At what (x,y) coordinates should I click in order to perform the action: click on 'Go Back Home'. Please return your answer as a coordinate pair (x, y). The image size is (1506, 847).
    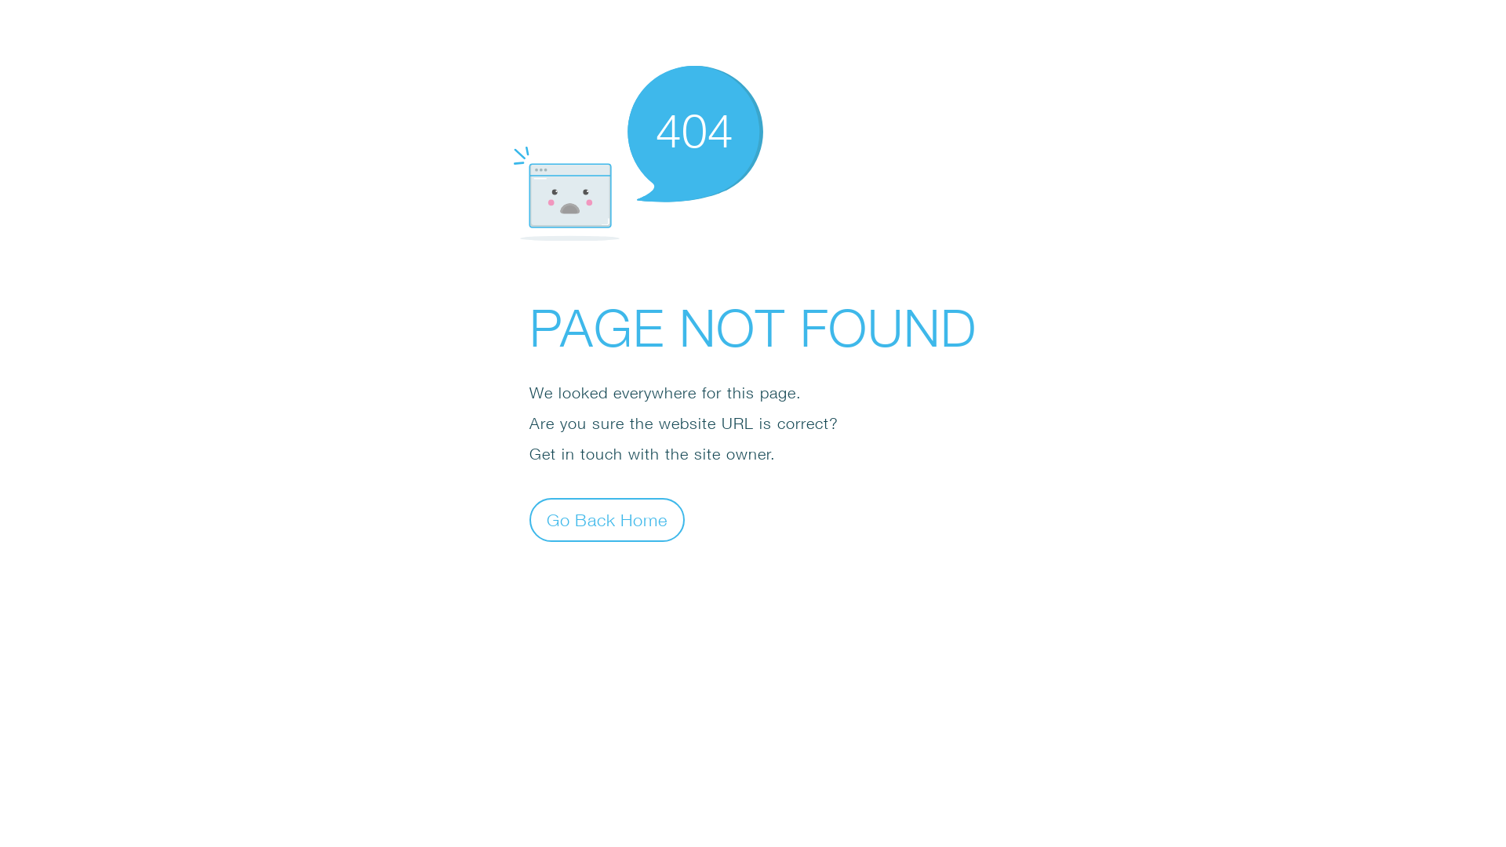
    Looking at the image, I should click on (606, 520).